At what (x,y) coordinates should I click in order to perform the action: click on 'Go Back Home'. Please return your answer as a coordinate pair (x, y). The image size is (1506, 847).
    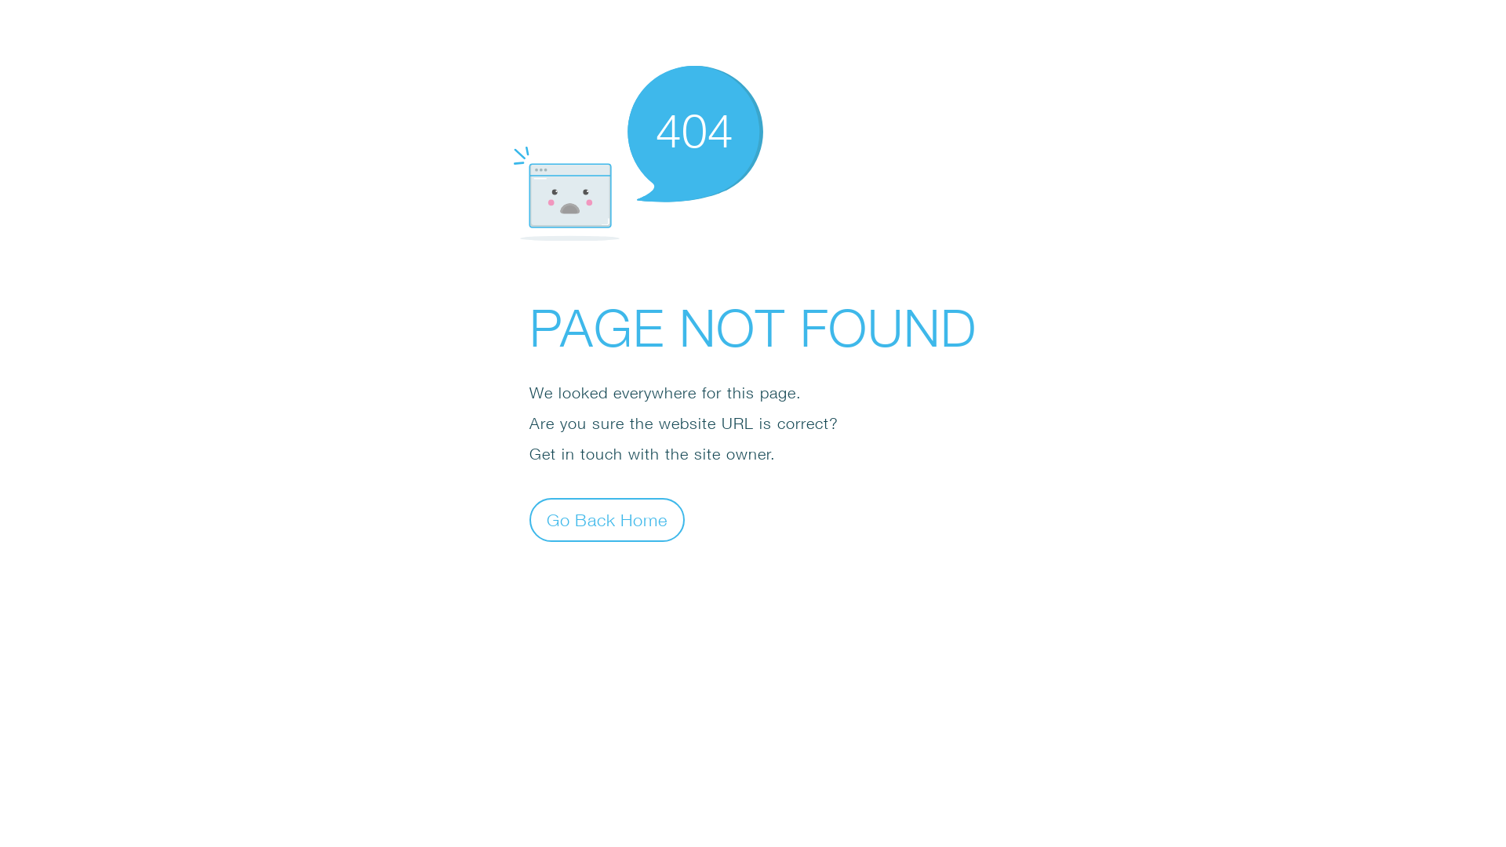
    Looking at the image, I should click on (606, 520).